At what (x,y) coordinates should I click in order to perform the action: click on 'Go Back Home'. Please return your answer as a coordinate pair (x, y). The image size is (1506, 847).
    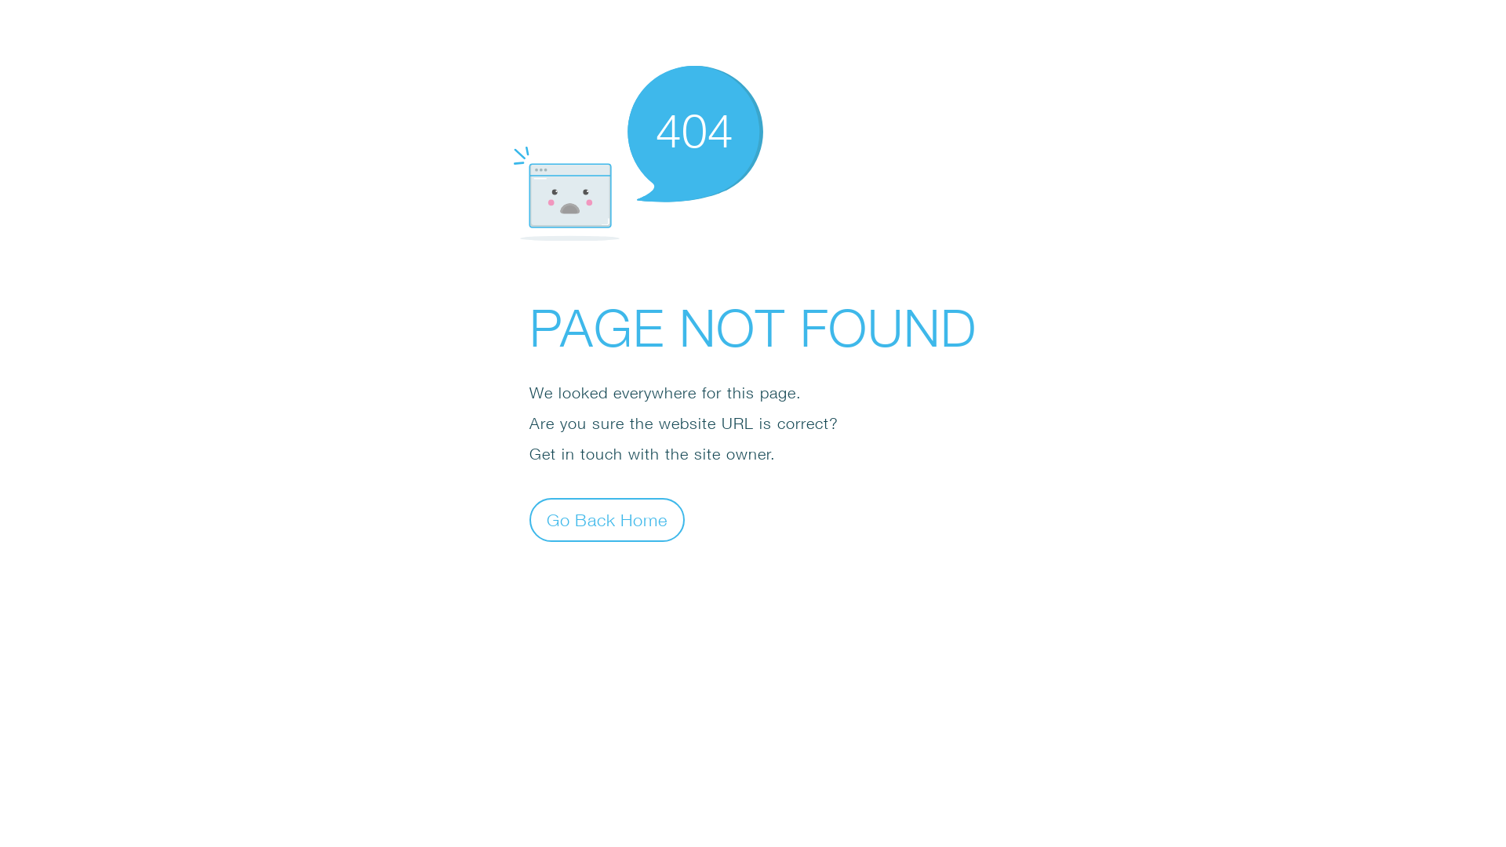
    Looking at the image, I should click on (606, 520).